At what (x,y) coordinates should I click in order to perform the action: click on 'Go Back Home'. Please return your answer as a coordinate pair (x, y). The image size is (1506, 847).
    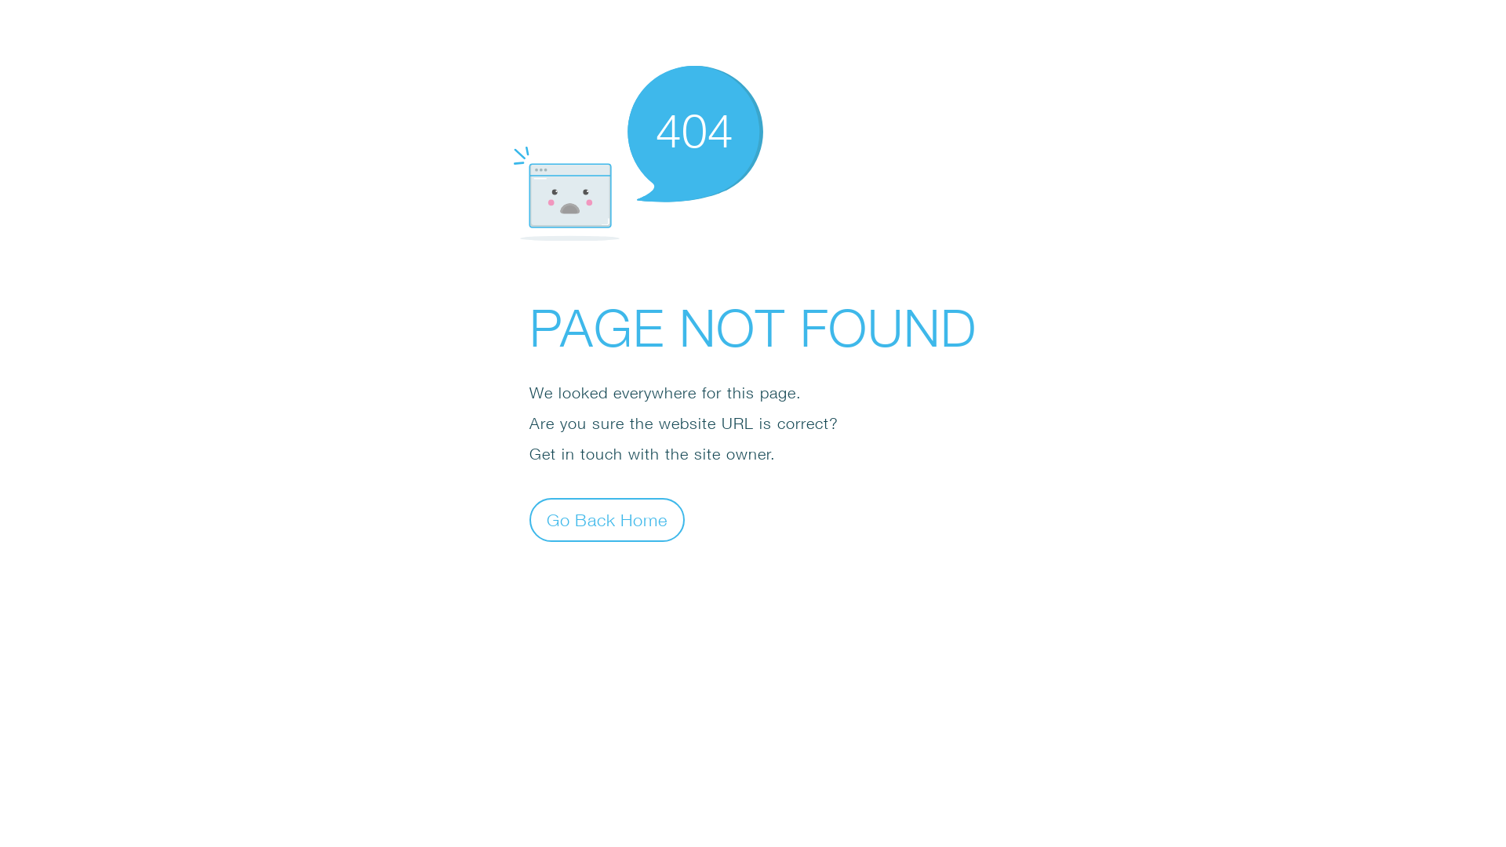
    Looking at the image, I should click on (606, 520).